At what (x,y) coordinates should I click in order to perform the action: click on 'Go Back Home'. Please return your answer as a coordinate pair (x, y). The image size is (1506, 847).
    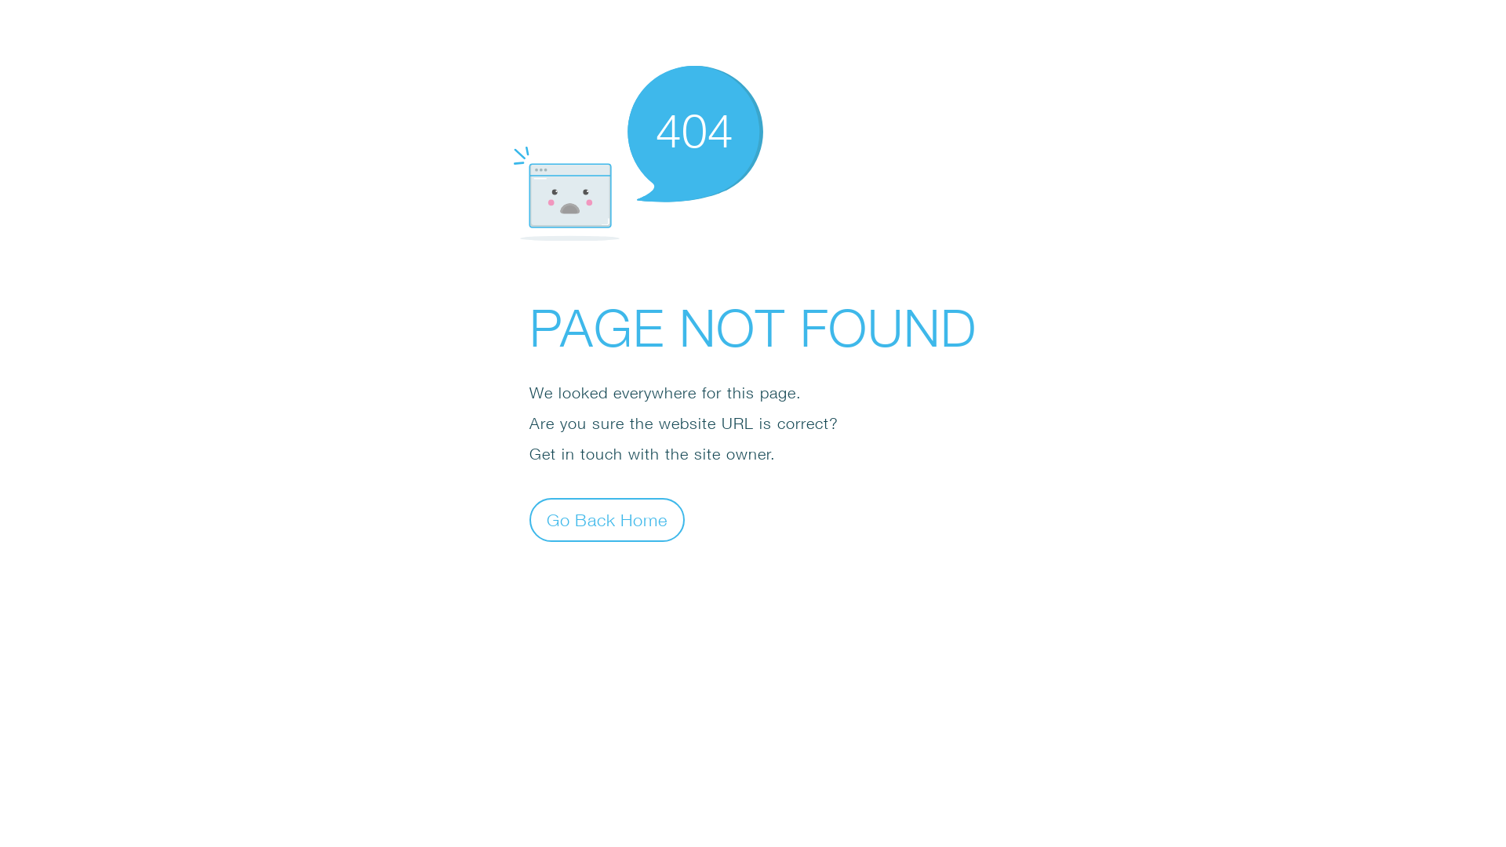
    Looking at the image, I should click on (606, 520).